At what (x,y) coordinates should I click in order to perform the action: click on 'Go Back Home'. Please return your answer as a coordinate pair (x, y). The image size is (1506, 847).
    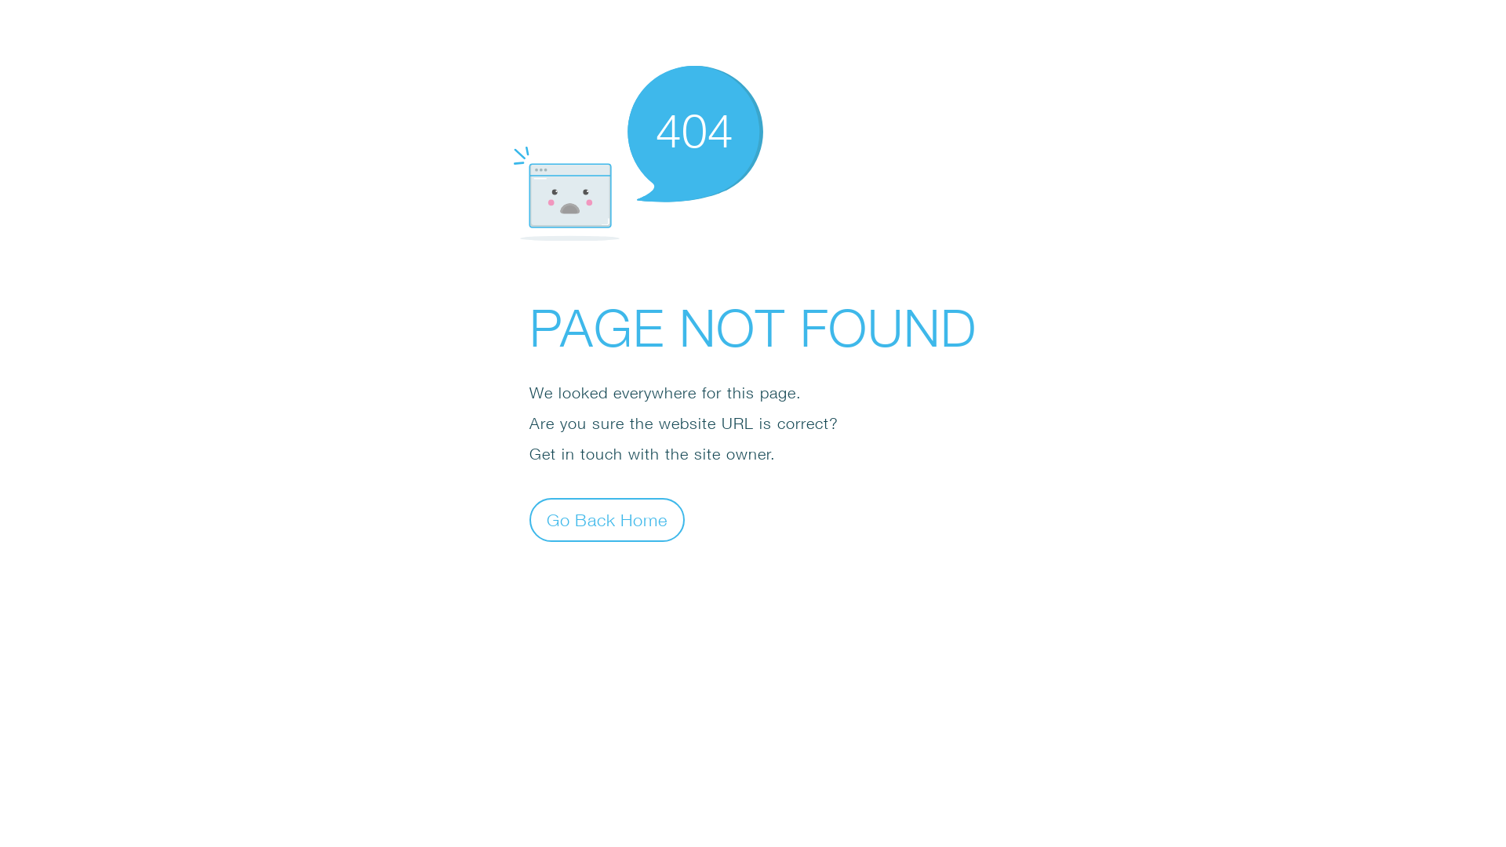
    Looking at the image, I should click on (606, 520).